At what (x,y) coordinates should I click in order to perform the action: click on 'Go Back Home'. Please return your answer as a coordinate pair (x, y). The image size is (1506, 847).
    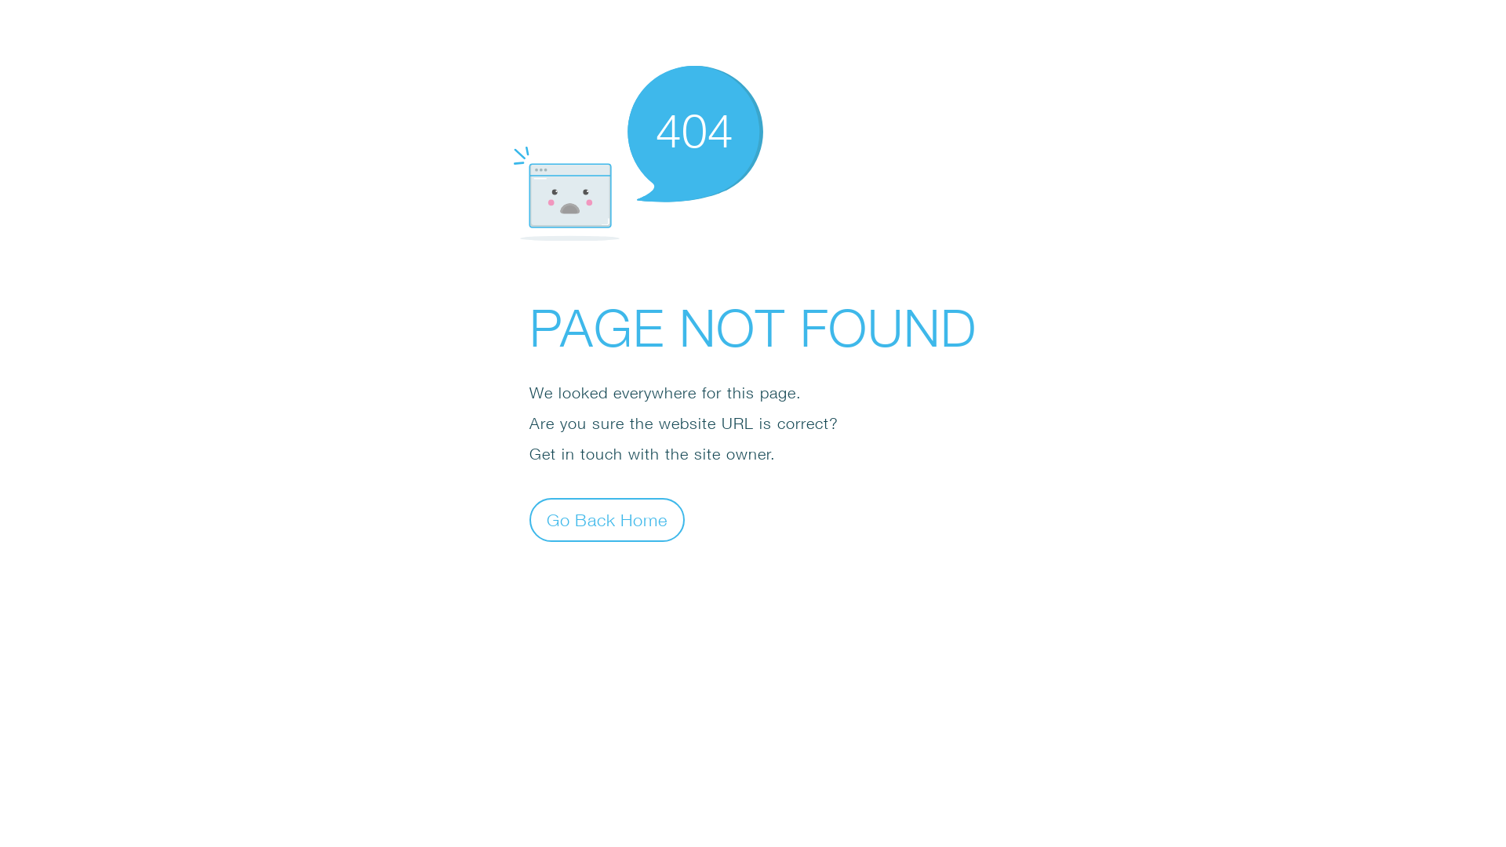
    Looking at the image, I should click on (606, 520).